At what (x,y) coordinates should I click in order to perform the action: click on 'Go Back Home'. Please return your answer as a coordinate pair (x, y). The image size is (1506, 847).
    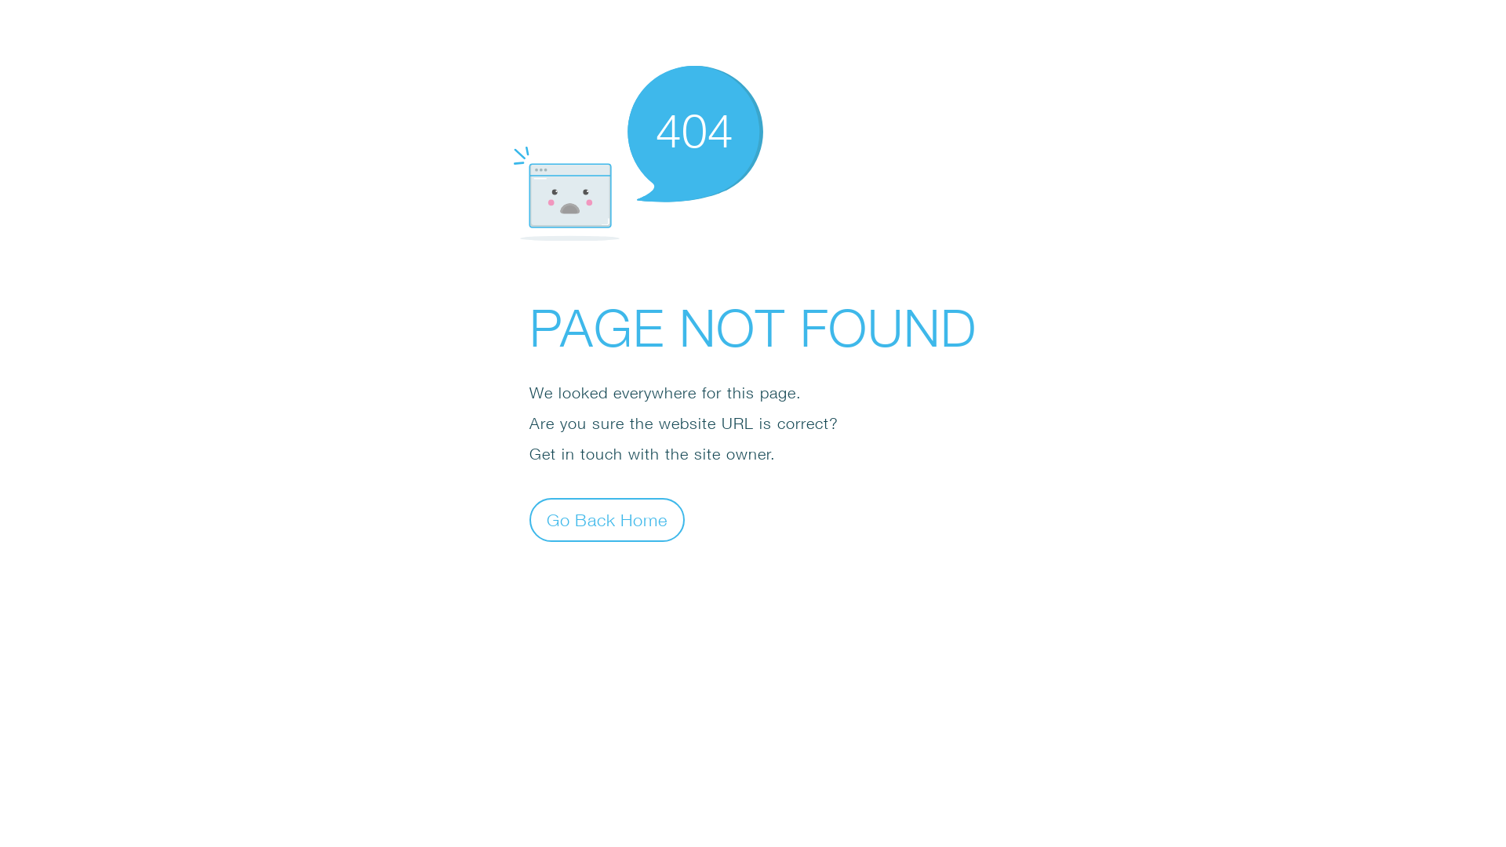
    Looking at the image, I should click on (606, 520).